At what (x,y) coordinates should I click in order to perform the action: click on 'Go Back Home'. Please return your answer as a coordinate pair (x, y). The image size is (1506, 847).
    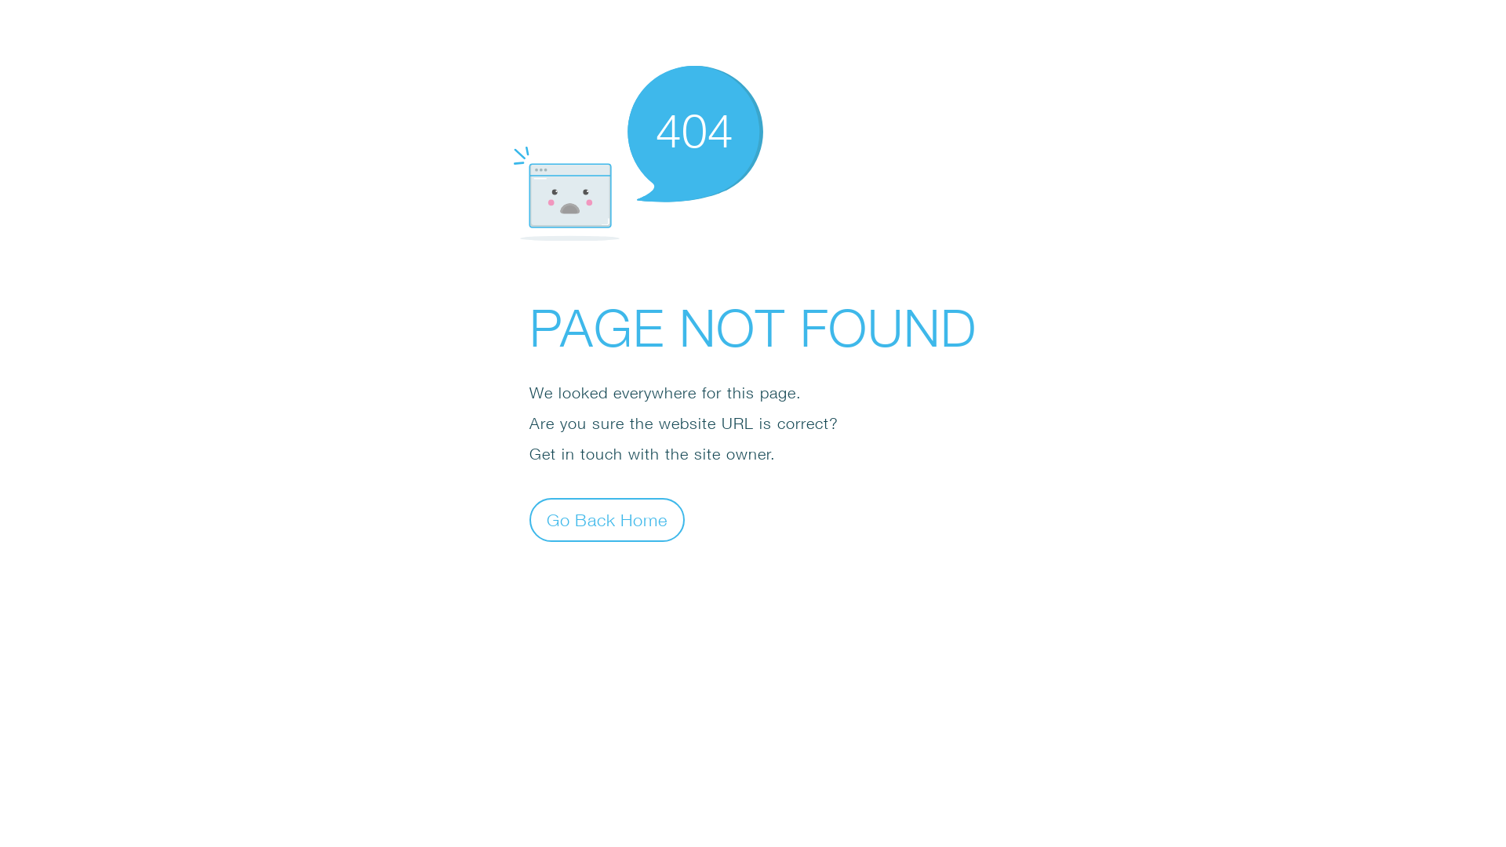
    Looking at the image, I should click on (606, 520).